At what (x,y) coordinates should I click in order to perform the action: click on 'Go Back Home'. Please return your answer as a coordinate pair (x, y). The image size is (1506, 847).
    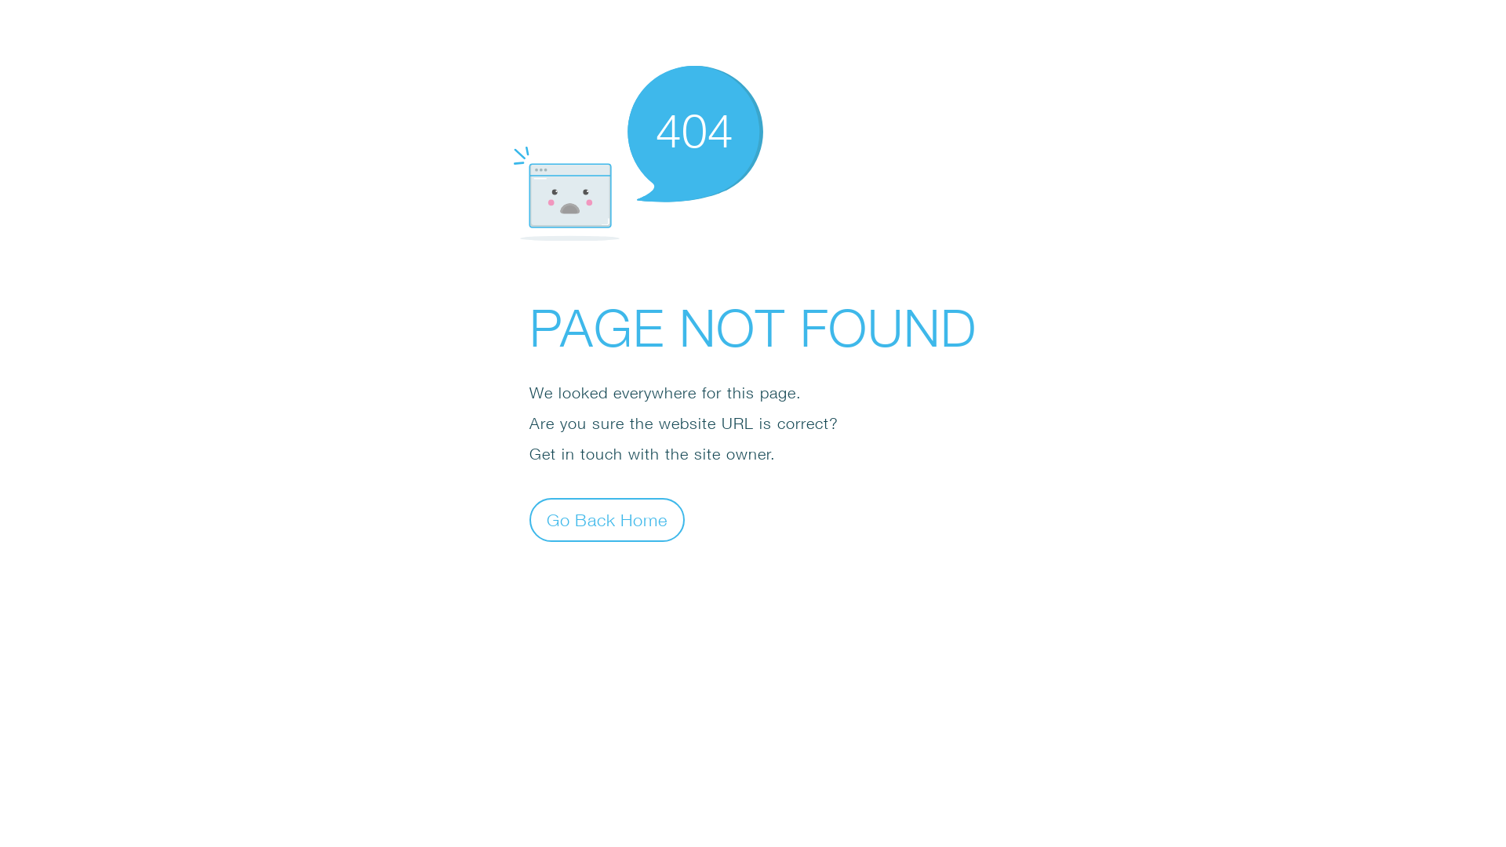
    Looking at the image, I should click on (606, 520).